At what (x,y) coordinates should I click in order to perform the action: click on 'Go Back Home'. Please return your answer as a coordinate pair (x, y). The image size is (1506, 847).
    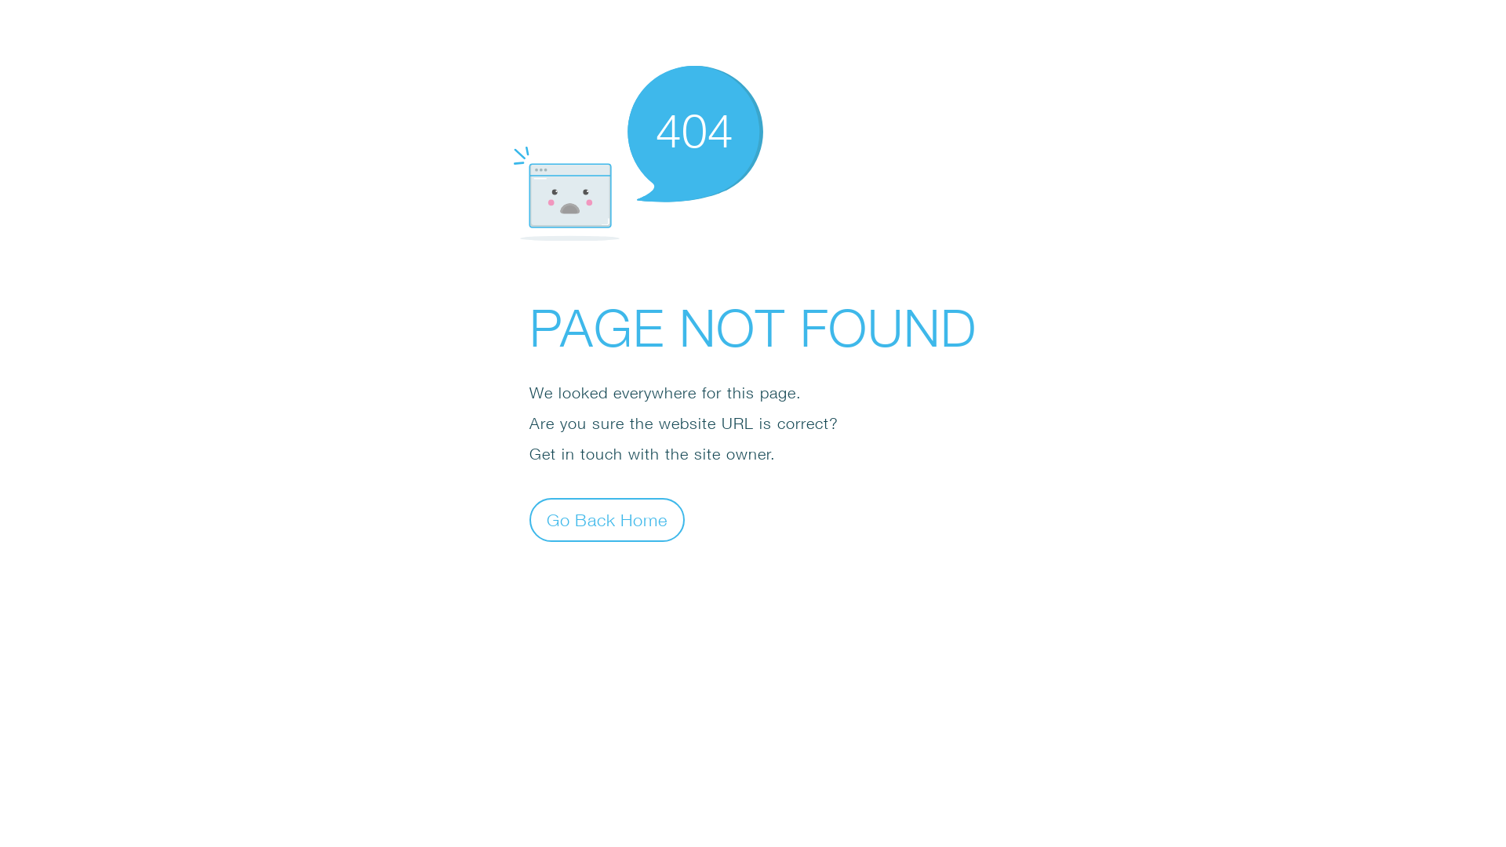
    Looking at the image, I should click on (606, 520).